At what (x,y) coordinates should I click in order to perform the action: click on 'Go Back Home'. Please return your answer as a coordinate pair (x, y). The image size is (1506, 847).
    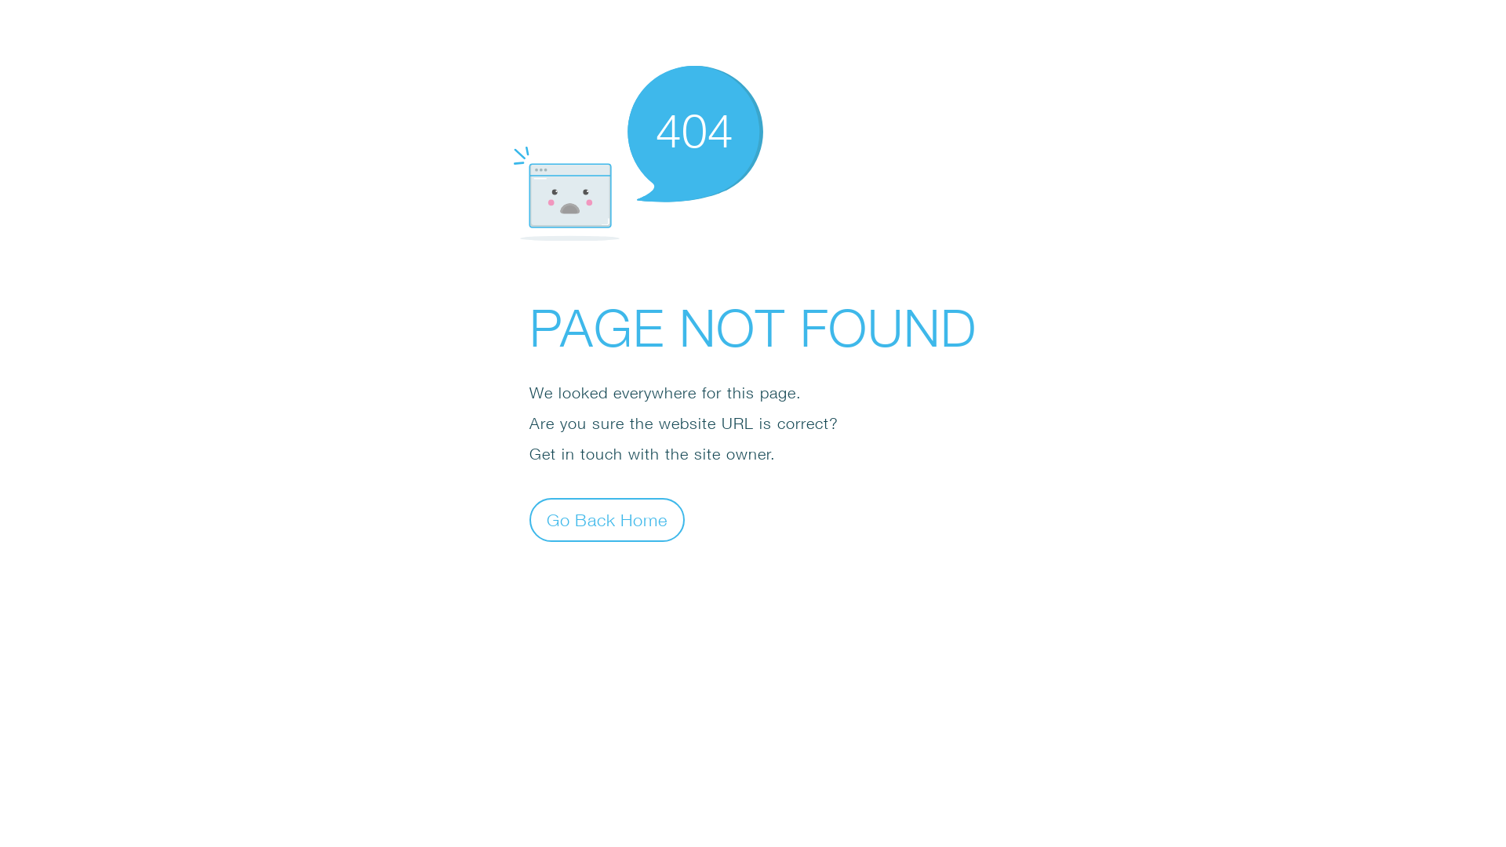
    Looking at the image, I should click on (606, 520).